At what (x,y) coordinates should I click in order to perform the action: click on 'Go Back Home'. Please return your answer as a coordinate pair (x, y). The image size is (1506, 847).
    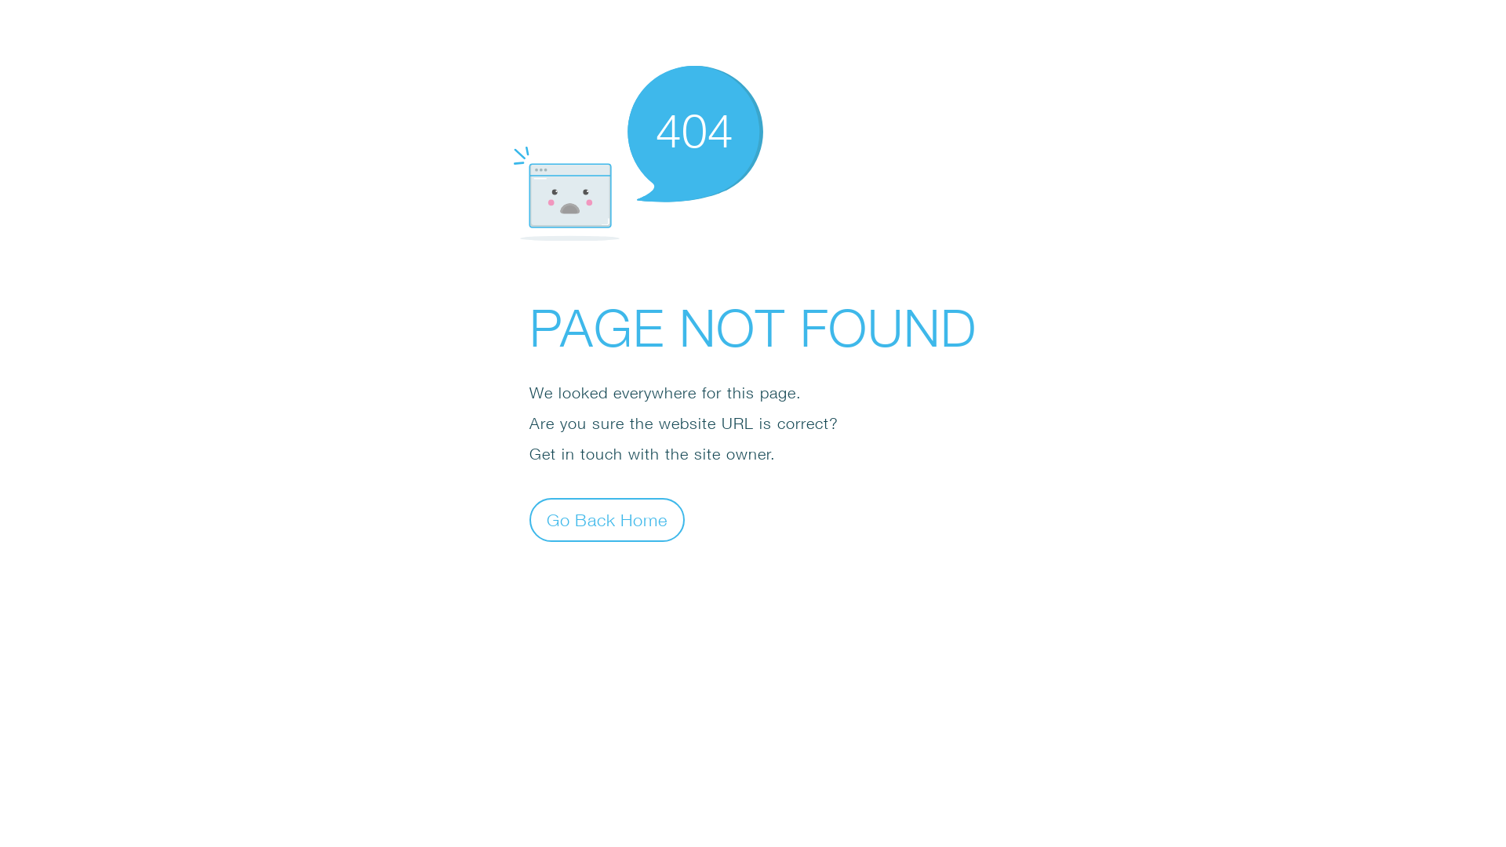
    Looking at the image, I should click on (606, 520).